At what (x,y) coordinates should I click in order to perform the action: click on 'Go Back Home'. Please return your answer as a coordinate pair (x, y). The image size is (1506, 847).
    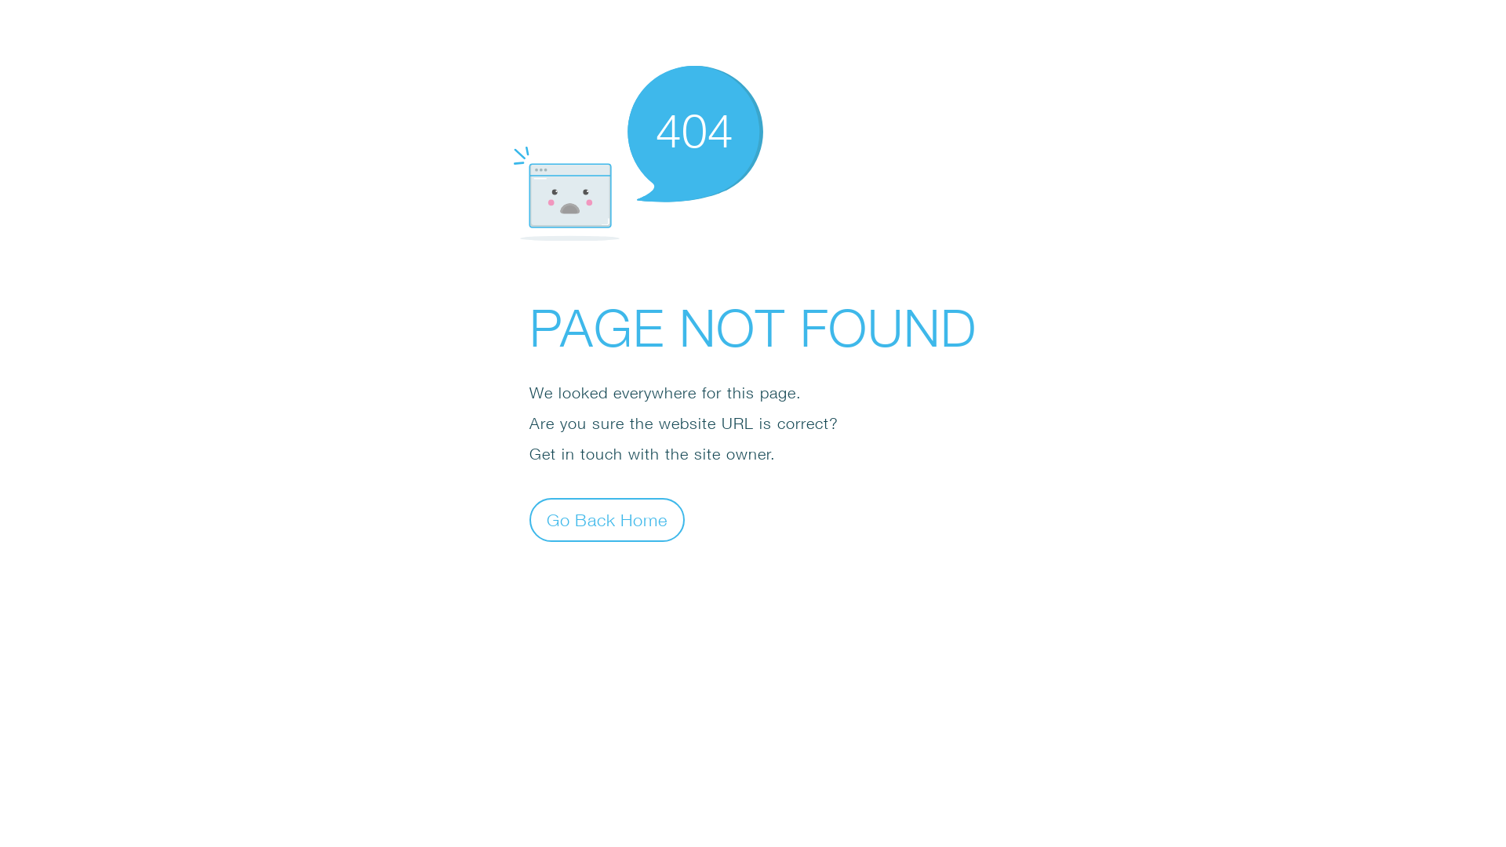
    Looking at the image, I should click on (606, 520).